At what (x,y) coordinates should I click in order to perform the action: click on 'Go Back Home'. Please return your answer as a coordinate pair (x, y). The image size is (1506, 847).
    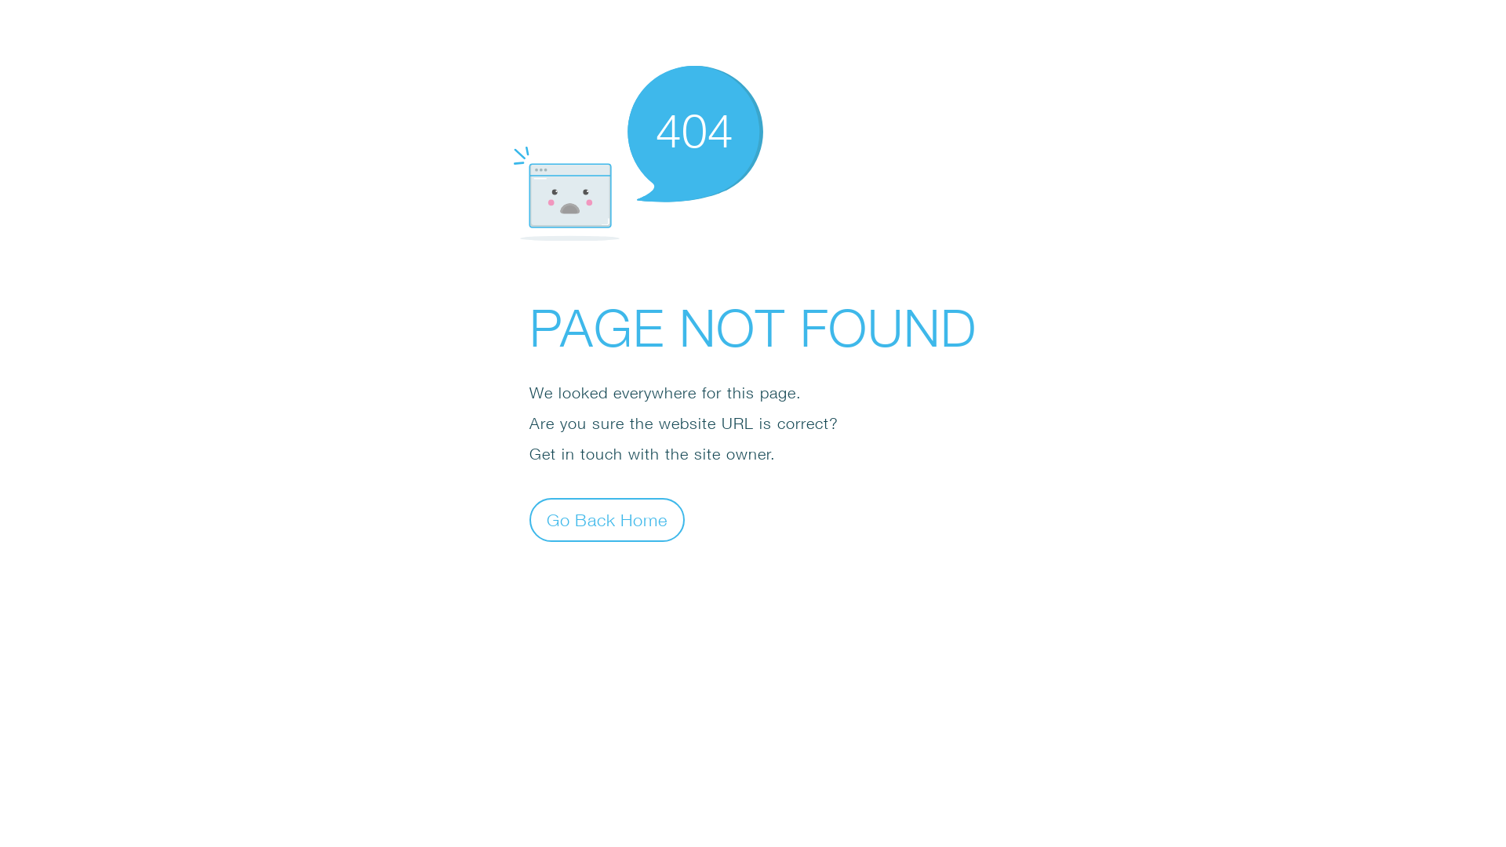
    Looking at the image, I should click on (606, 520).